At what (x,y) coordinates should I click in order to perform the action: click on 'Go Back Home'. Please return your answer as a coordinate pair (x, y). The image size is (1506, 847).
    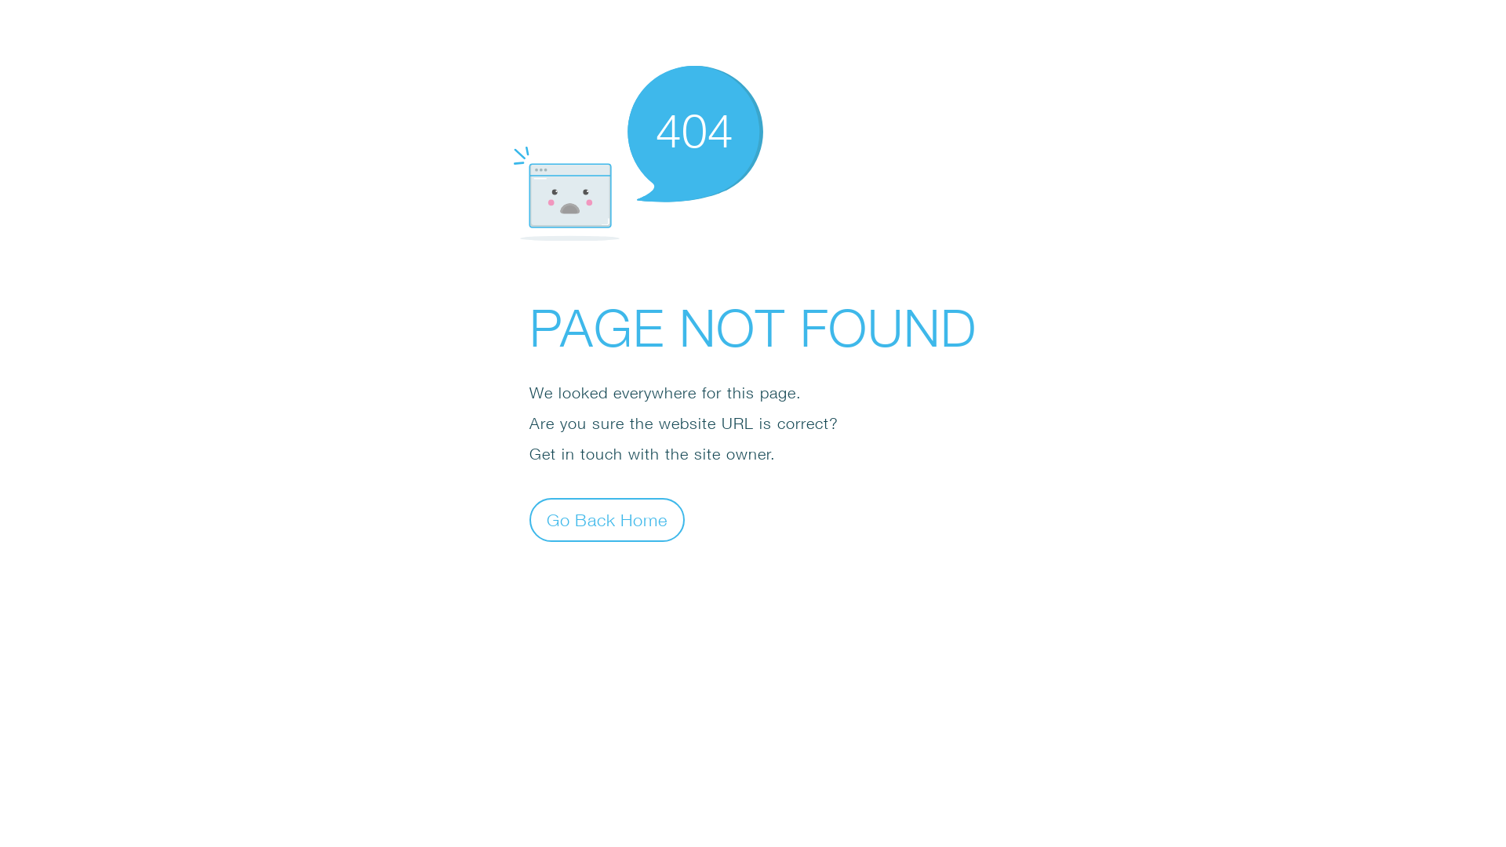
    Looking at the image, I should click on (606, 520).